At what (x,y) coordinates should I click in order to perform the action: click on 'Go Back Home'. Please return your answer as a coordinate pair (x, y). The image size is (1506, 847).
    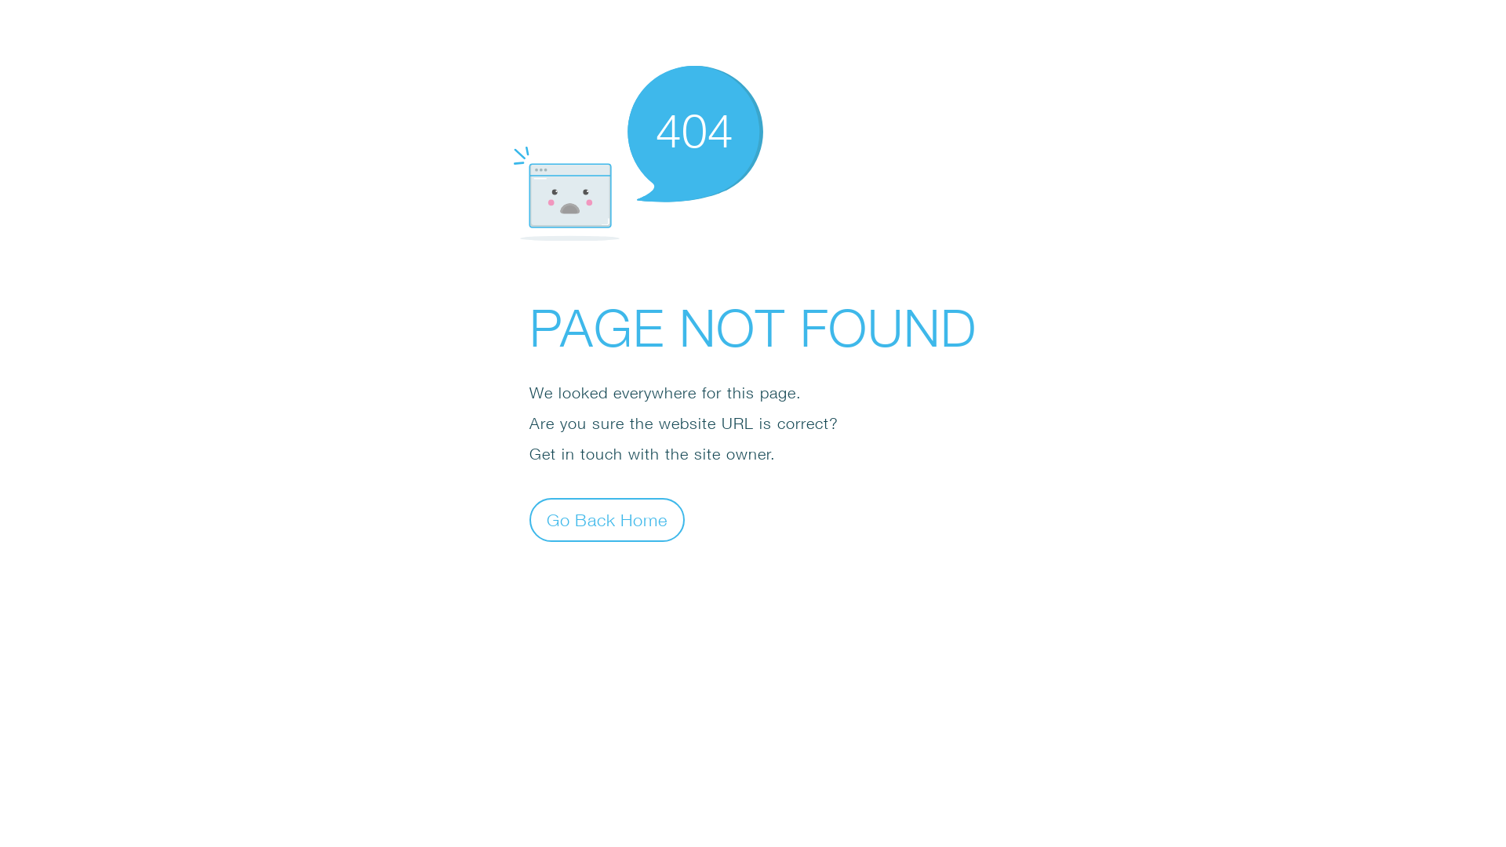
    Looking at the image, I should click on (606, 520).